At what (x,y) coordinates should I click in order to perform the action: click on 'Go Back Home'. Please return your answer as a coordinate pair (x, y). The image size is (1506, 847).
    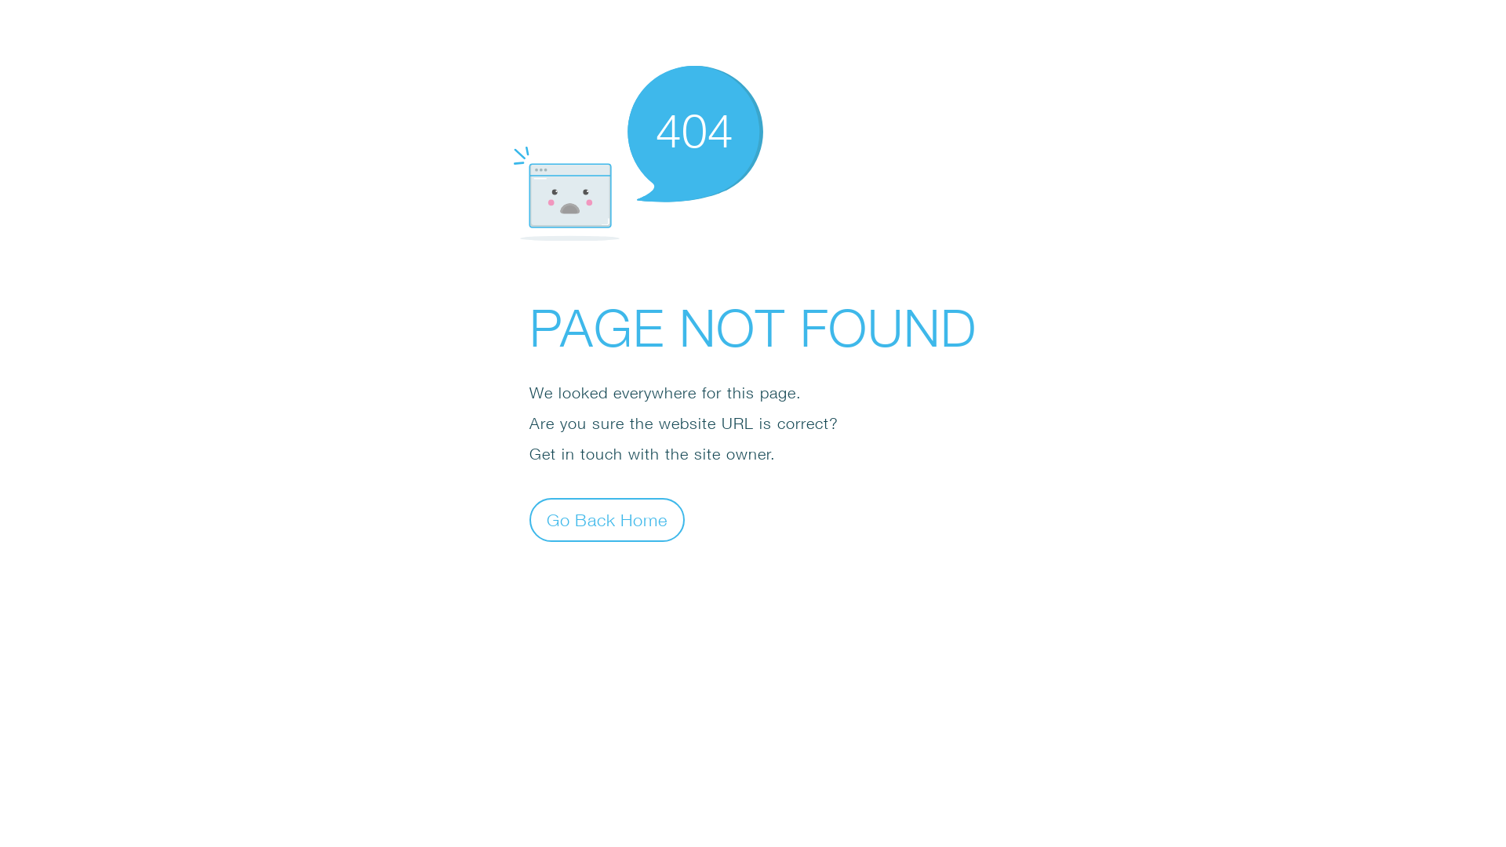
    Looking at the image, I should click on (606, 520).